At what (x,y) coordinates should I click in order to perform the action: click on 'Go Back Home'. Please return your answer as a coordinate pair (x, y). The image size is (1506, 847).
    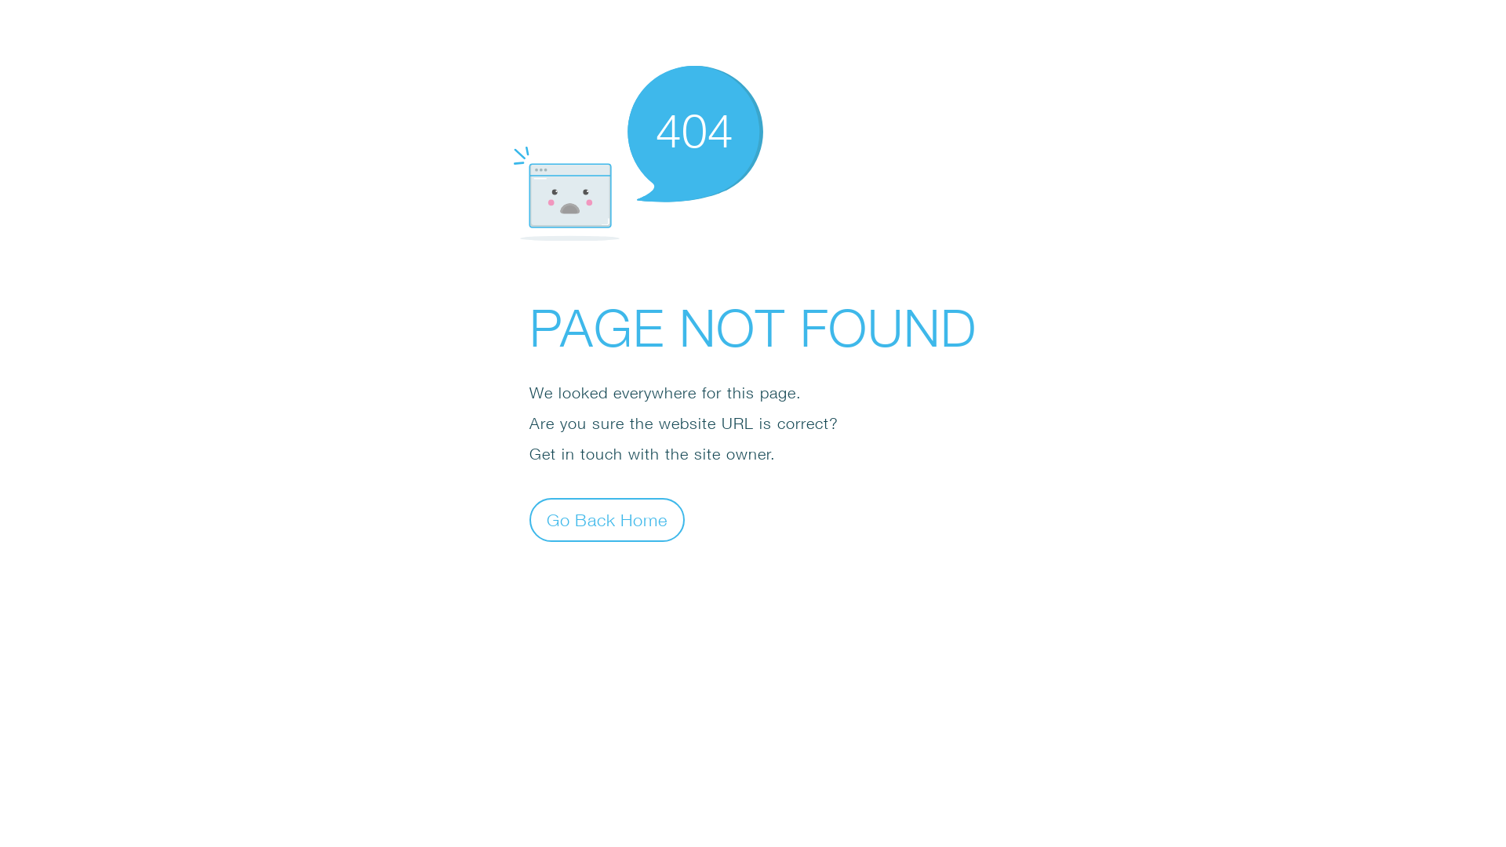
    Looking at the image, I should click on (606, 520).